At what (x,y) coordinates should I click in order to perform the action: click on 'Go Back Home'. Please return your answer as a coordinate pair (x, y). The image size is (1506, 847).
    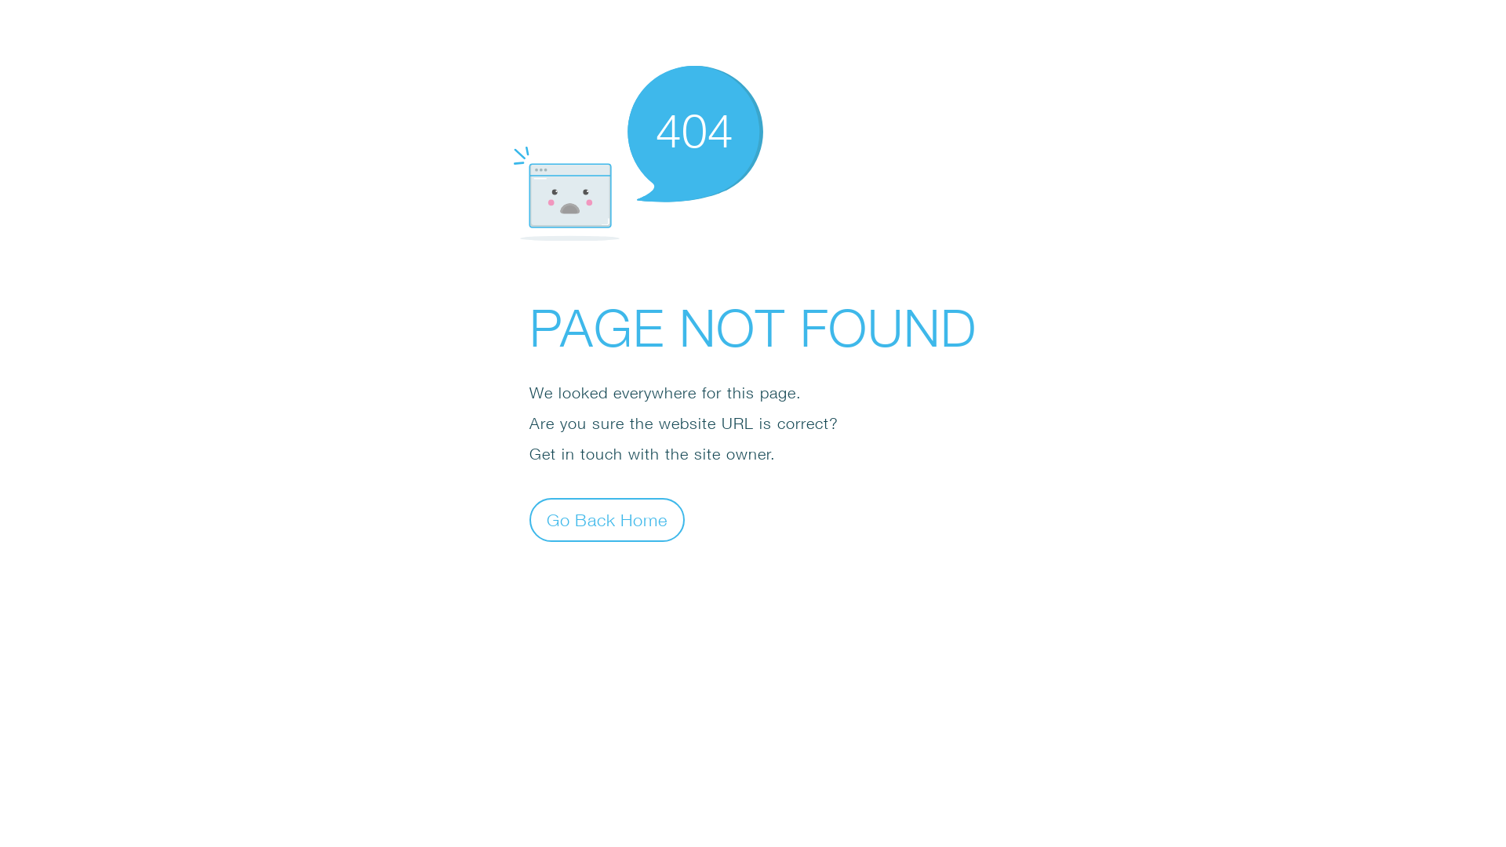
    Looking at the image, I should click on (606, 520).